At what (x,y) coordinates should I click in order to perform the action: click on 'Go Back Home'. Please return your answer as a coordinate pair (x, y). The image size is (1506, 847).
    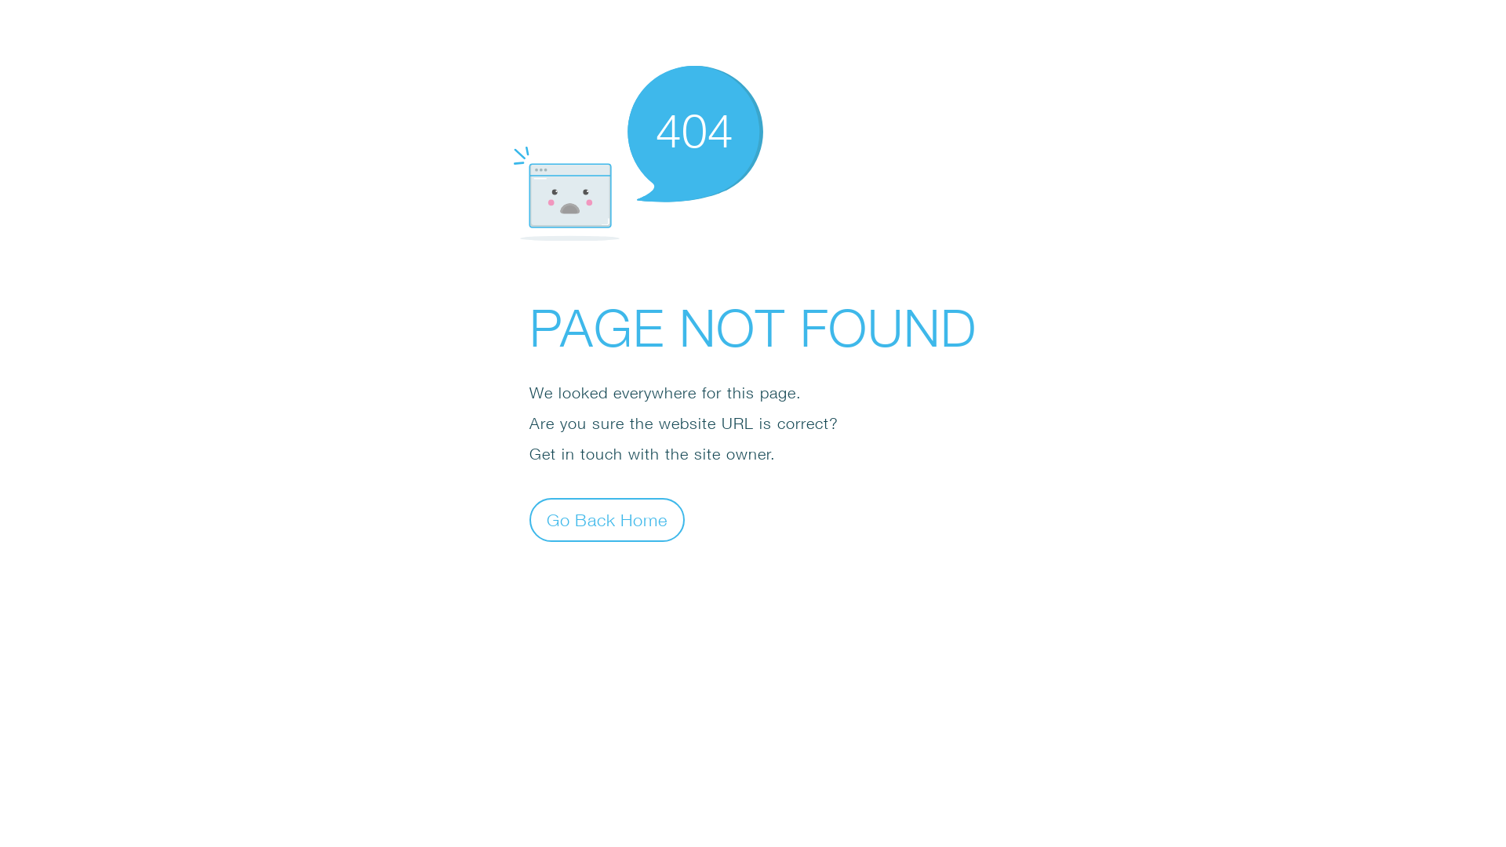
    Looking at the image, I should click on (606, 520).